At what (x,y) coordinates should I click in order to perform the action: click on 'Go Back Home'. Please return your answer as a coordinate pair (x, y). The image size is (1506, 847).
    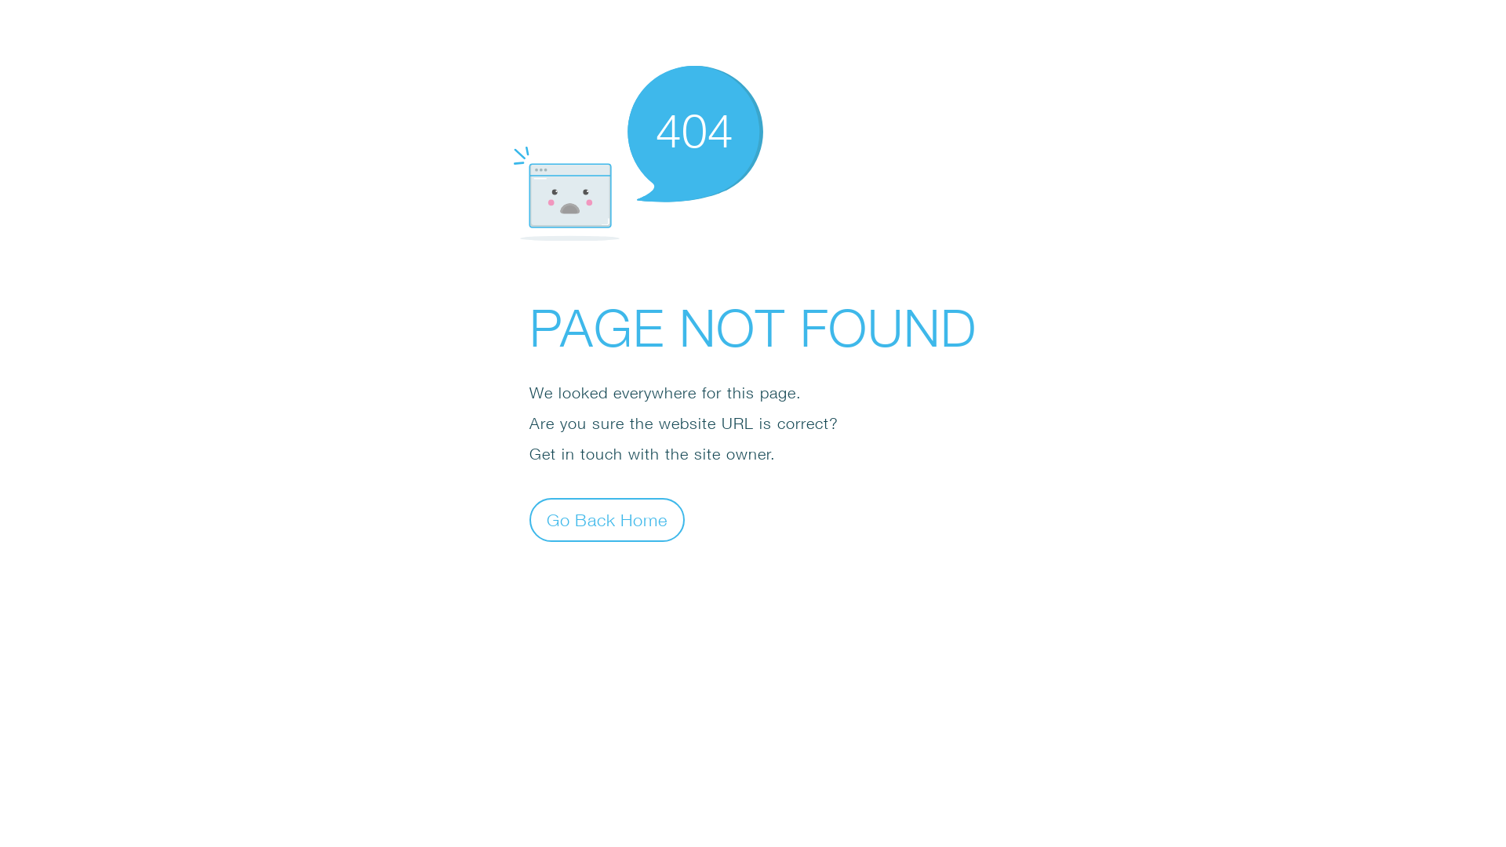
    Looking at the image, I should click on (606, 520).